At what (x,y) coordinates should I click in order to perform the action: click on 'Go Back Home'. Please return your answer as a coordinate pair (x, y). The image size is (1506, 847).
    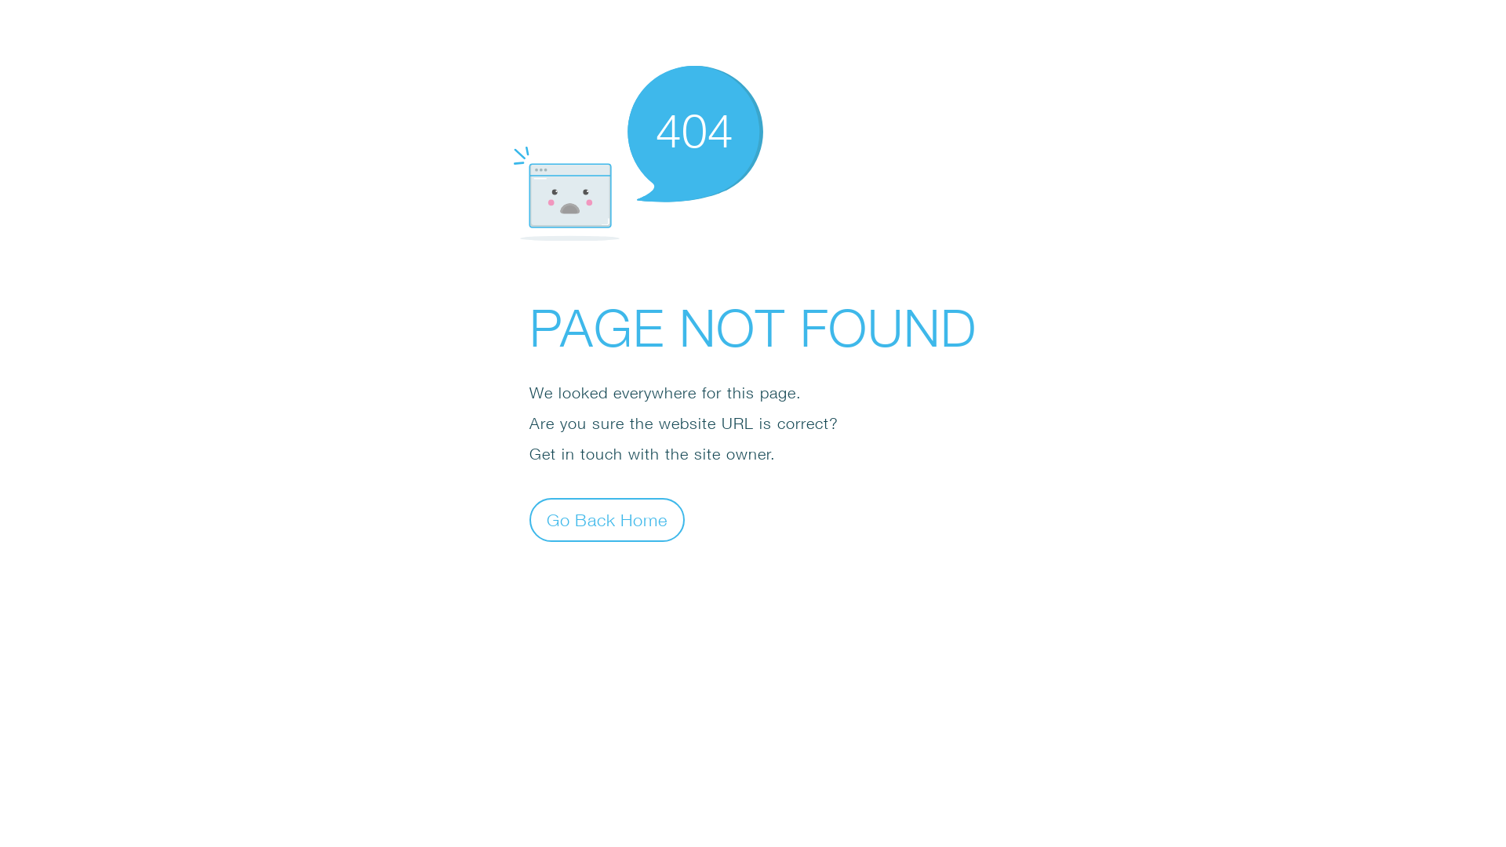
    Looking at the image, I should click on (606, 520).